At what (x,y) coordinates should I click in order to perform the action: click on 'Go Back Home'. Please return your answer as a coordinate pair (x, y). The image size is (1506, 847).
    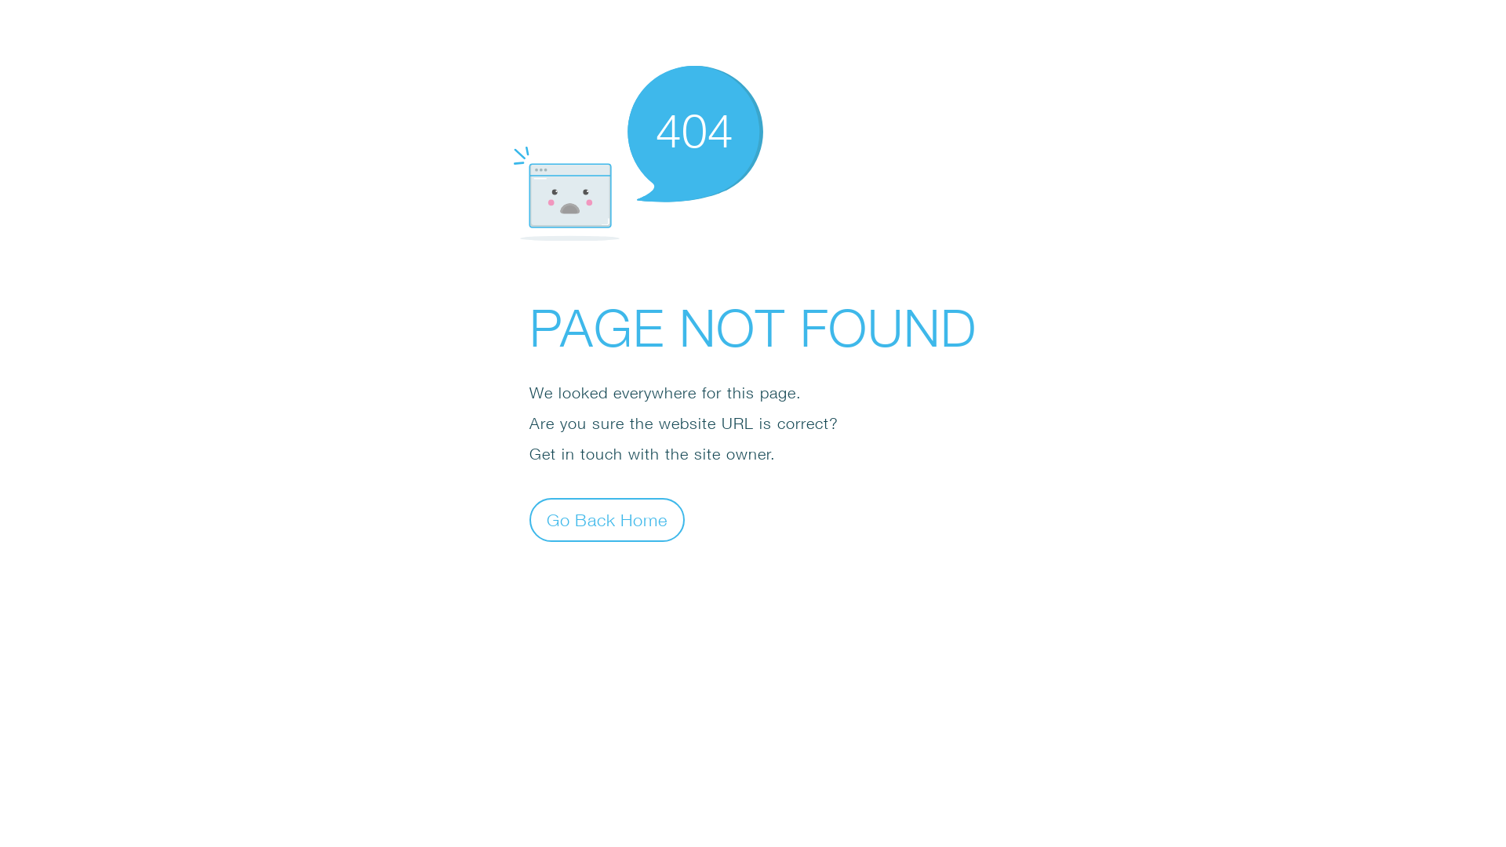
    Looking at the image, I should click on (606, 520).